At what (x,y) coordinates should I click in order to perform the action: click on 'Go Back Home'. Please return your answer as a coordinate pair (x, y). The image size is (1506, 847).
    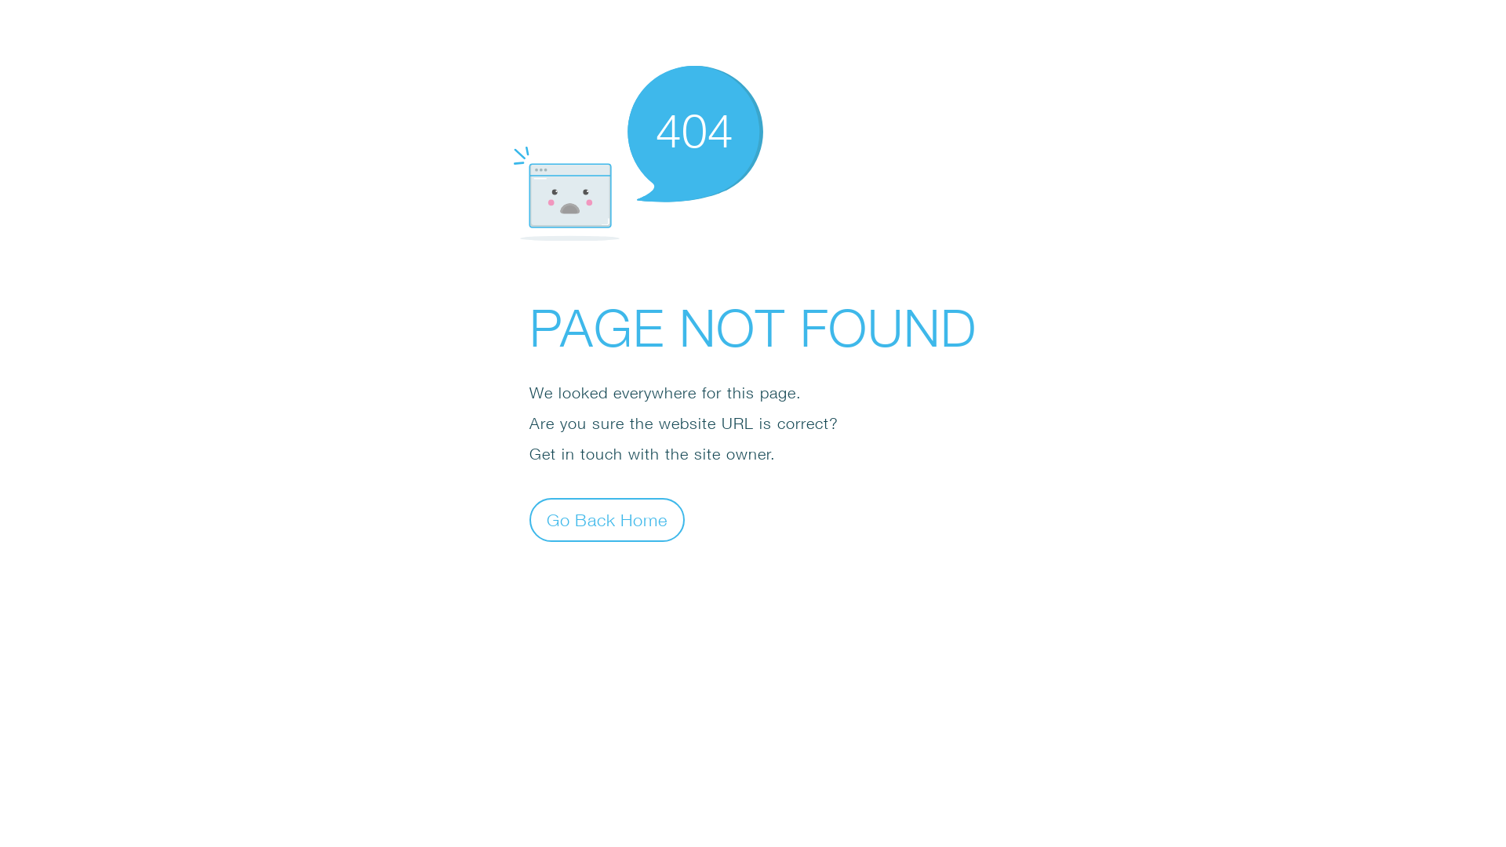
    Looking at the image, I should click on (606, 520).